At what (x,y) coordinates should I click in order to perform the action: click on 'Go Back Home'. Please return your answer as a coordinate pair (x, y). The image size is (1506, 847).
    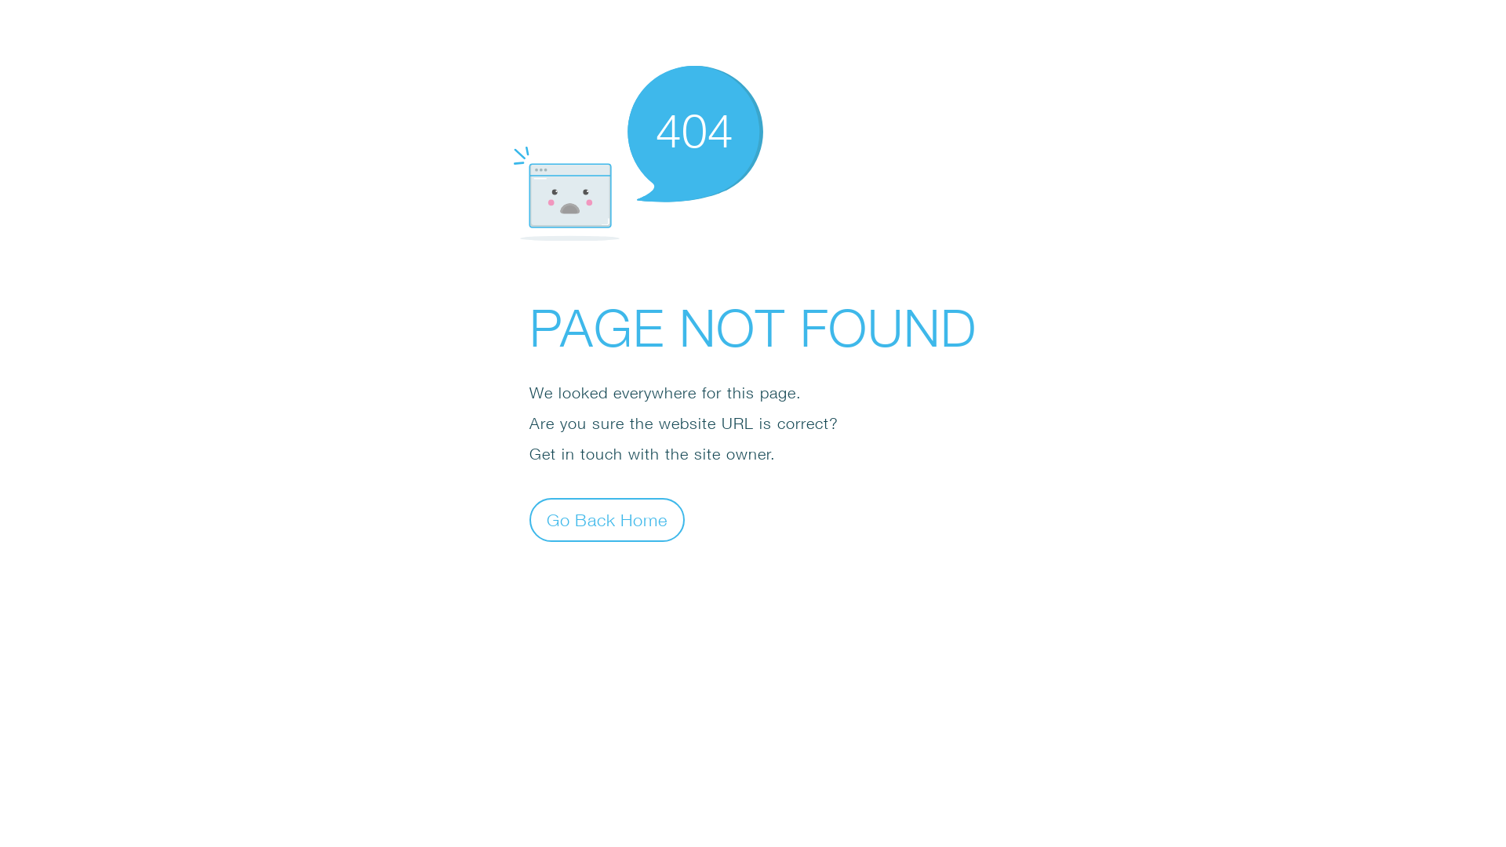
    Looking at the image, I should click on (606, 520).